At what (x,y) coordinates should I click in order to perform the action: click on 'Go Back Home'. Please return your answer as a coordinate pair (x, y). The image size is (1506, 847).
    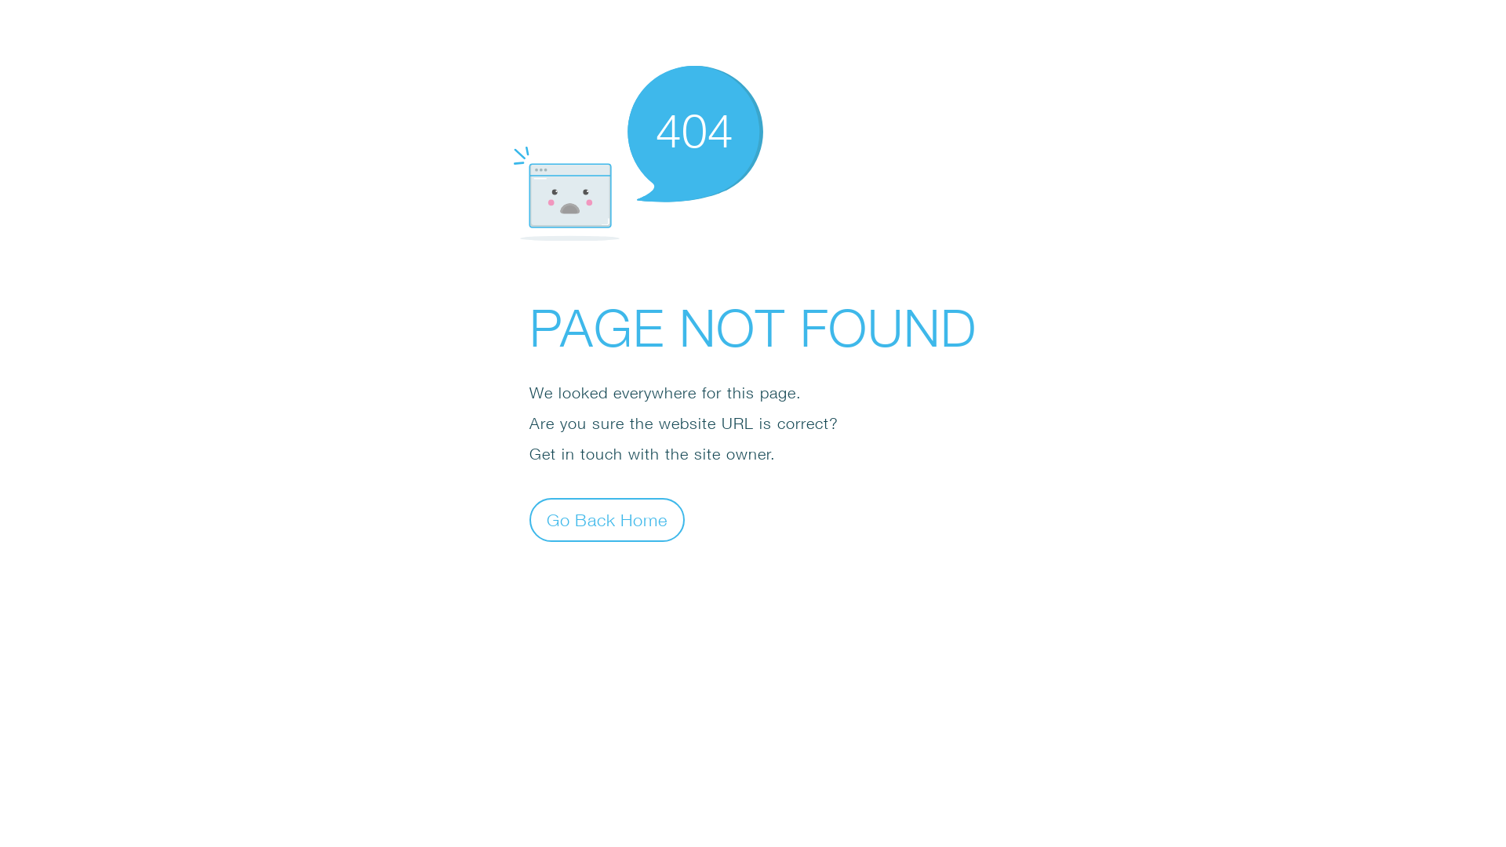
    Looking at the image, I should click on (606, 520).